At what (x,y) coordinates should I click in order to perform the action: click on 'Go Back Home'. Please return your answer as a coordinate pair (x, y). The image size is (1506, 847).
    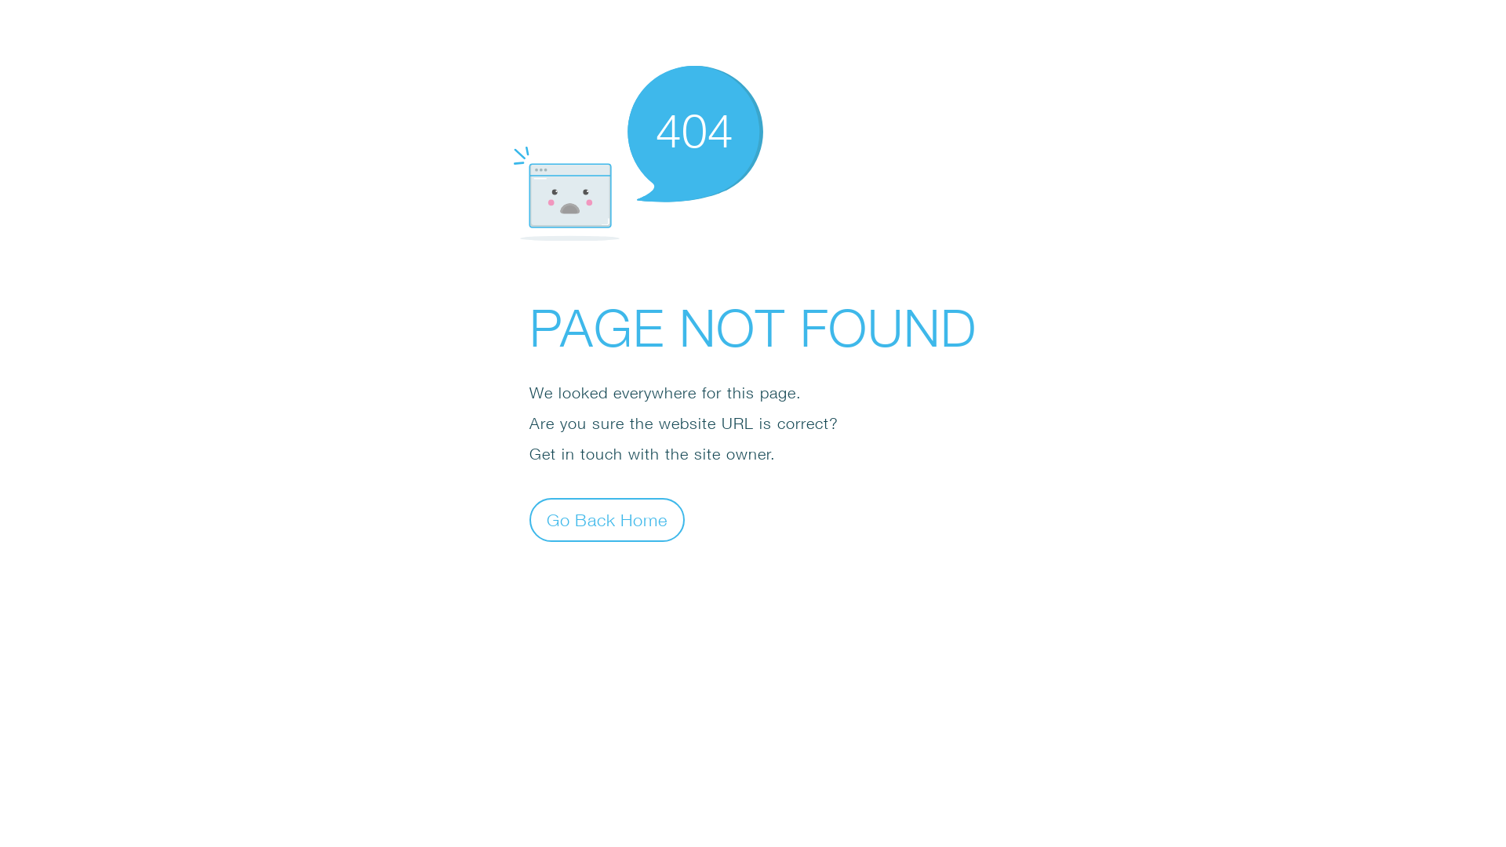
    Looking at the image, I should click on (606, 520).